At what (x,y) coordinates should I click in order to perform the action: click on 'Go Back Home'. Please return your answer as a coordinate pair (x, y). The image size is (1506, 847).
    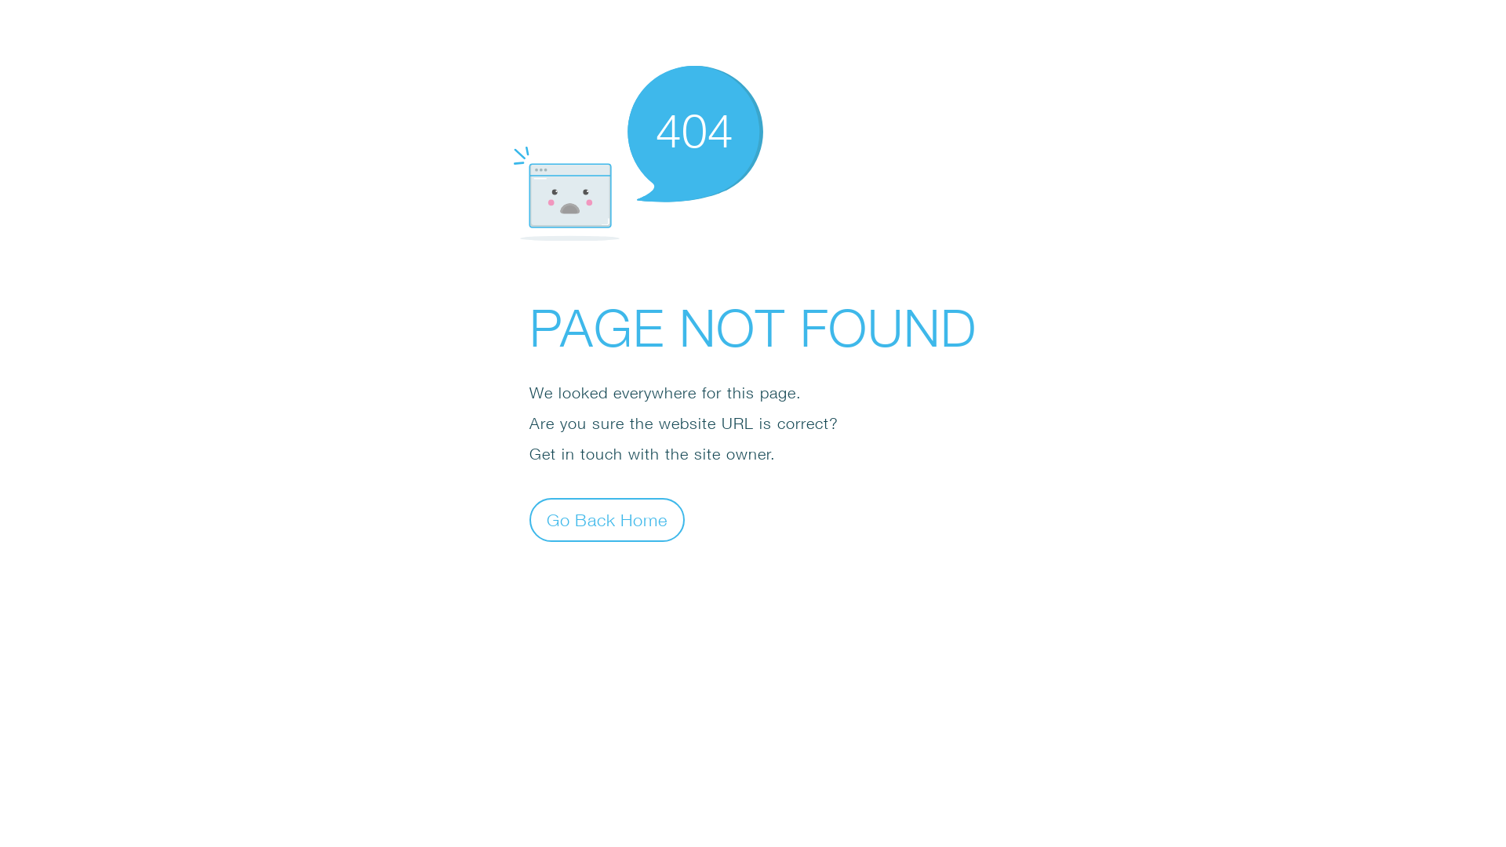
    Looking at the image, I should click on (606, 520).